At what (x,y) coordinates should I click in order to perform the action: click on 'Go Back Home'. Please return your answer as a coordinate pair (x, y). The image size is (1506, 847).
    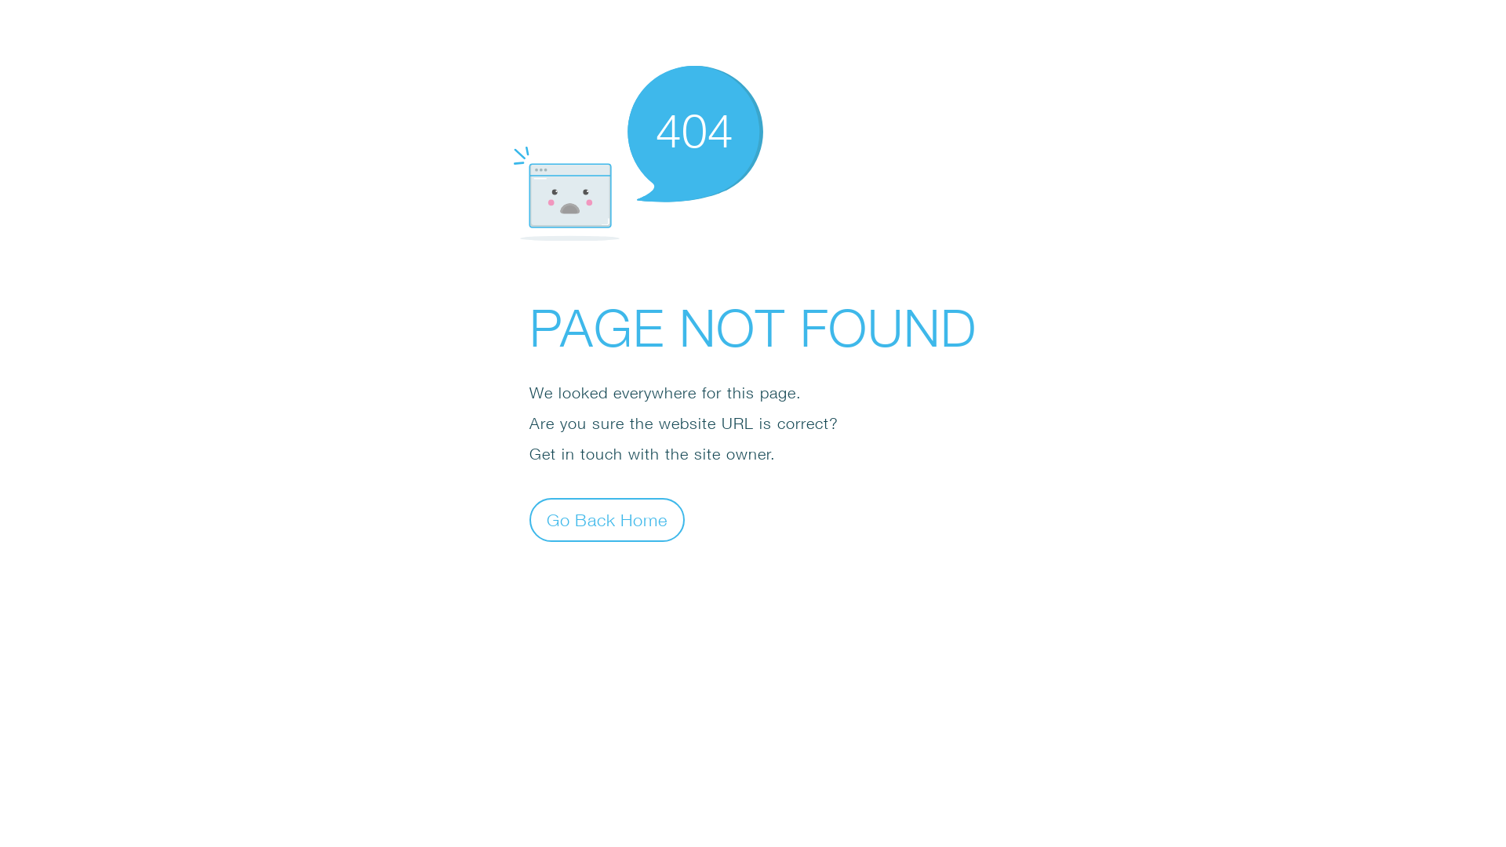
    Looking at the image, I should click on (606, 520).